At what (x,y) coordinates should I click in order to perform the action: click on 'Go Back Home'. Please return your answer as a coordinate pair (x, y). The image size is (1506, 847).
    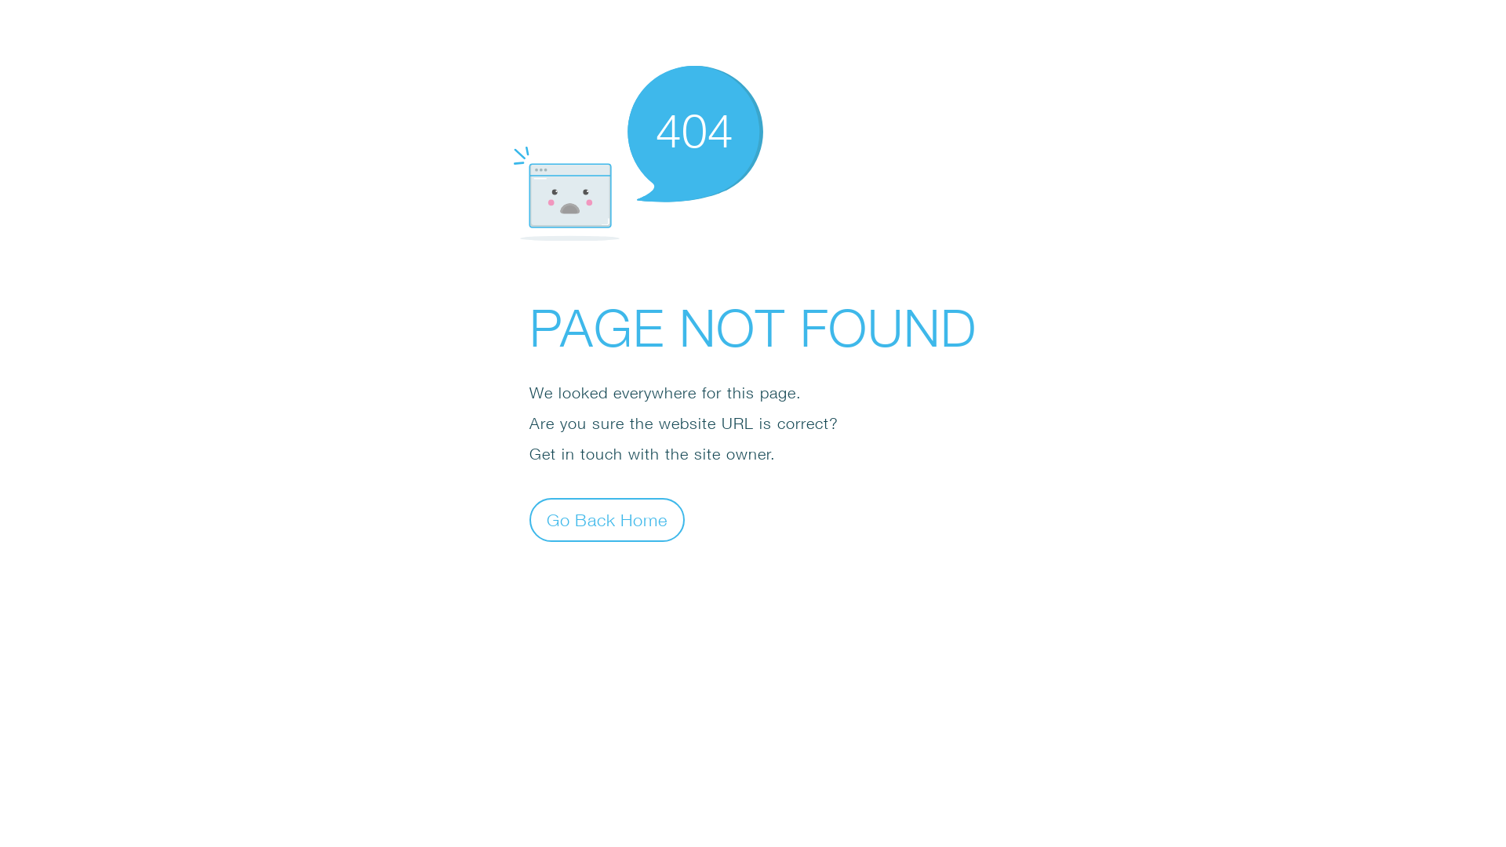
    Looking at the image, I should click on (606, 520).